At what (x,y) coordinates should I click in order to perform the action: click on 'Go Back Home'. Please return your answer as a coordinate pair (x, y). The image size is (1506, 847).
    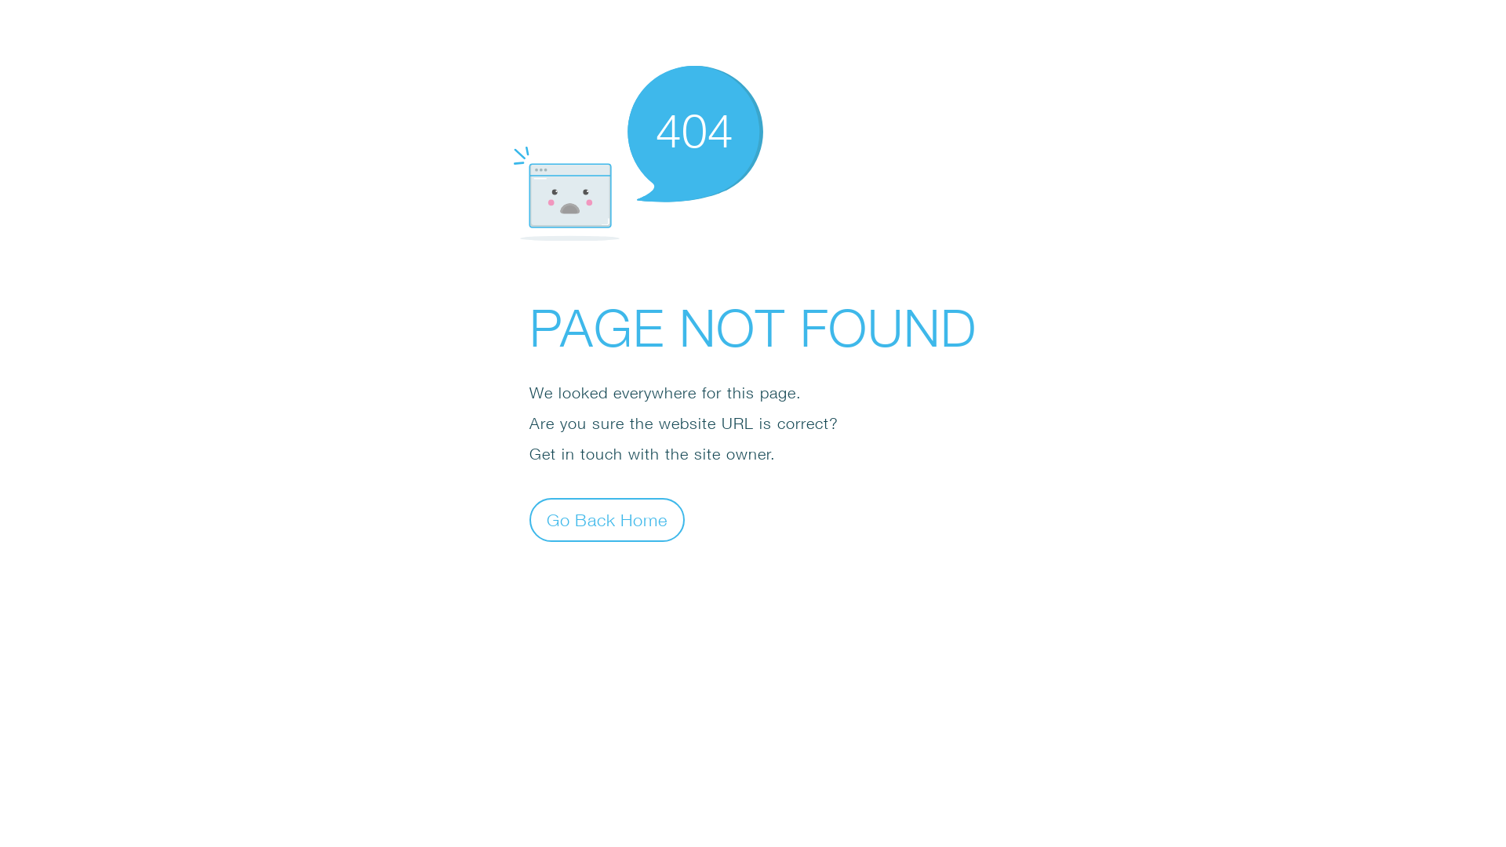
    Looking at the image, I should click on (606, 520).